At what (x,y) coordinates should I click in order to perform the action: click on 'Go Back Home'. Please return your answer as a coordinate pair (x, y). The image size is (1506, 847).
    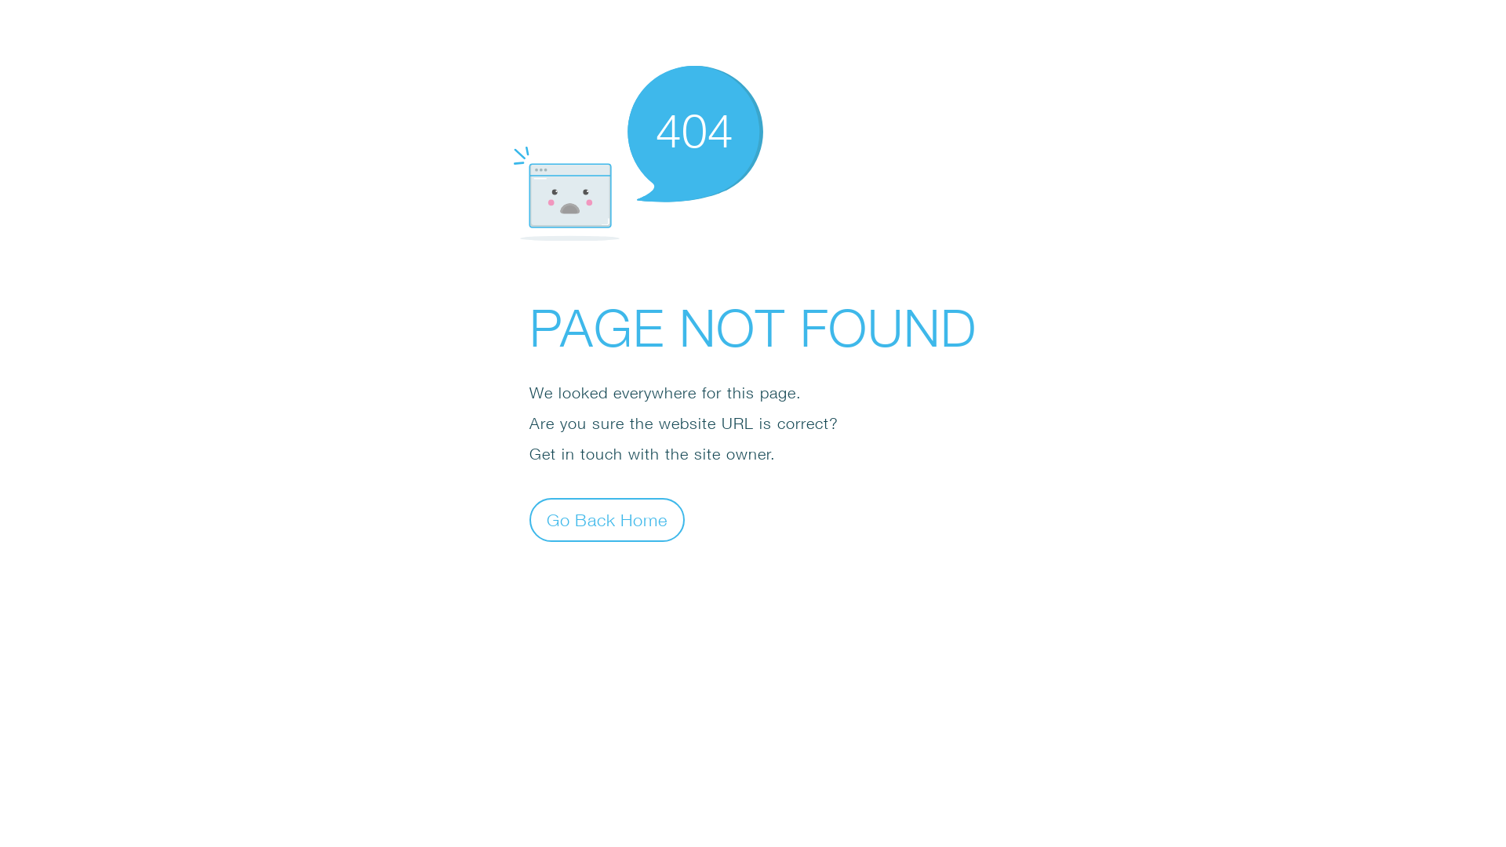
    Looking at the image, I should click on (606, 520).